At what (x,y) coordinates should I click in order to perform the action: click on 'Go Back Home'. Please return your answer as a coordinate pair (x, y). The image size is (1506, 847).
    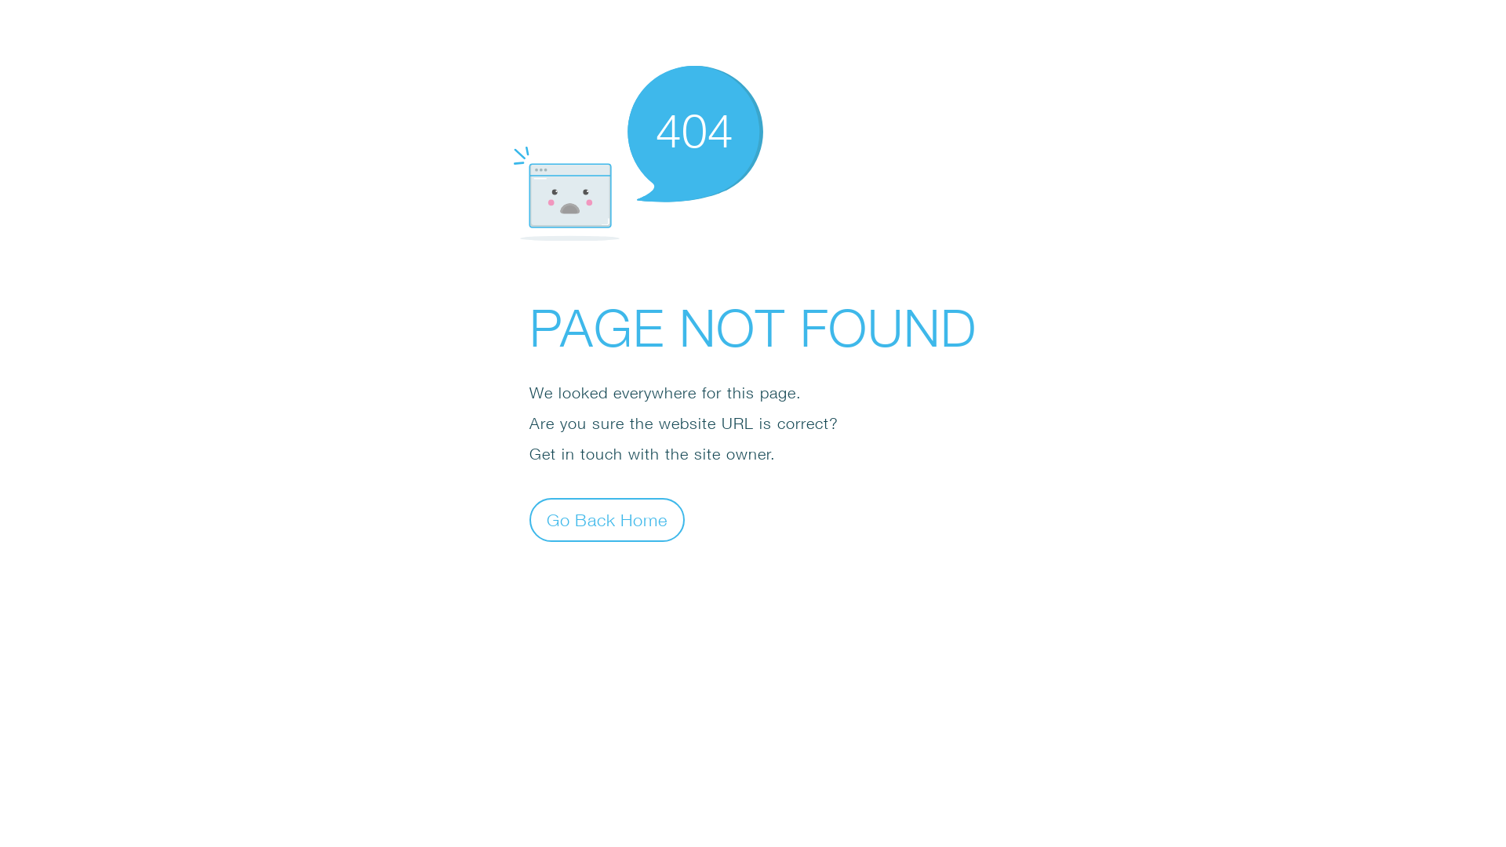
    Looking at the image, I should click on (606, 520).